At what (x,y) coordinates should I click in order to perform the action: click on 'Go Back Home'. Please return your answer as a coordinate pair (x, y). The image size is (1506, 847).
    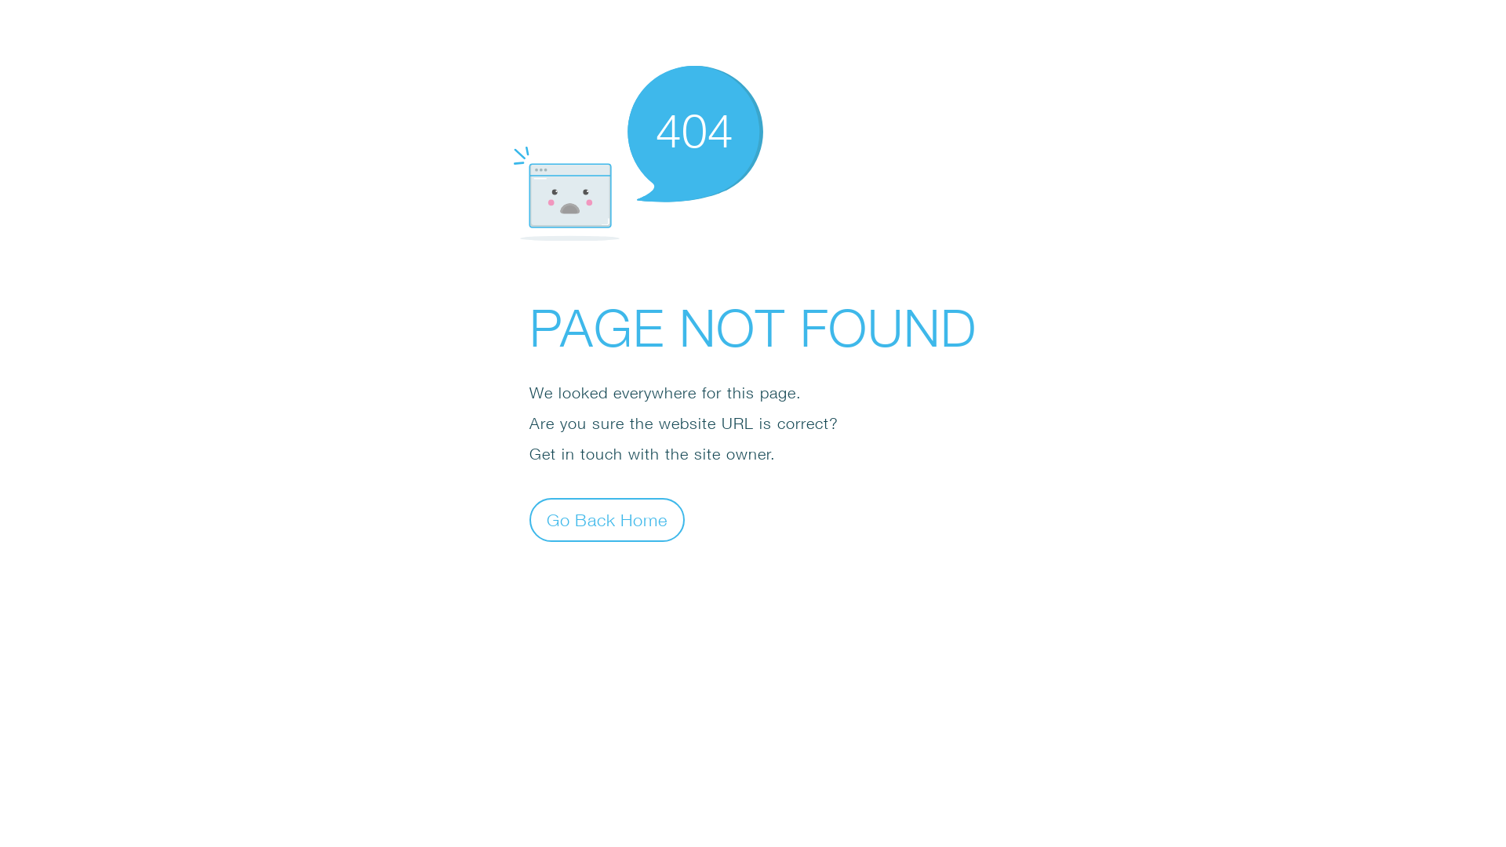
    Looking at the image, I should click on (606, 520).